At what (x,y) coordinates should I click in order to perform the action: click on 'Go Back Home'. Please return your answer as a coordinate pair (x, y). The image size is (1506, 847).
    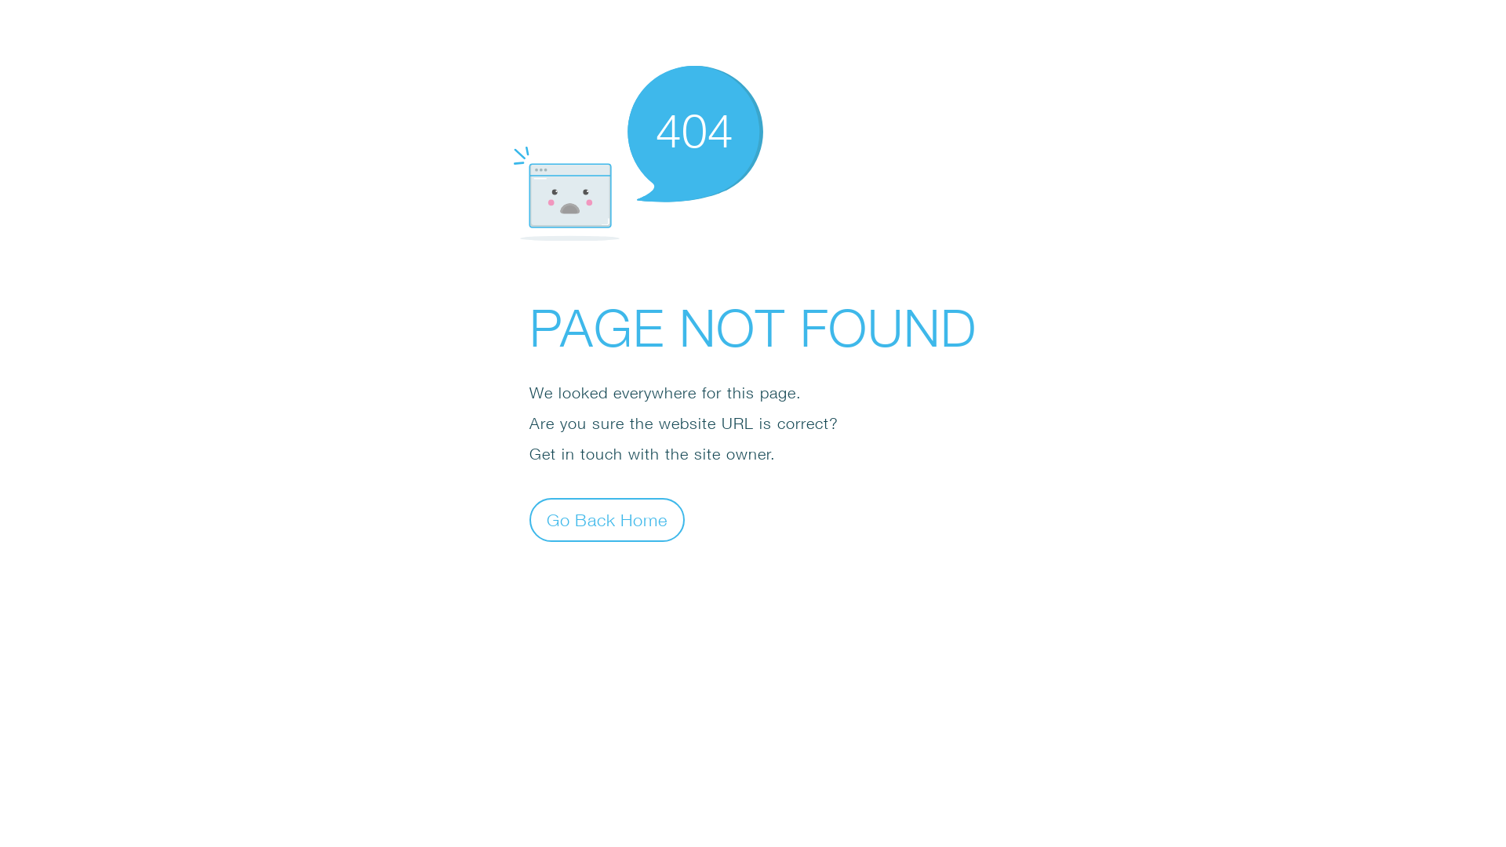
    Looking at the image, I should click on (606, 520).